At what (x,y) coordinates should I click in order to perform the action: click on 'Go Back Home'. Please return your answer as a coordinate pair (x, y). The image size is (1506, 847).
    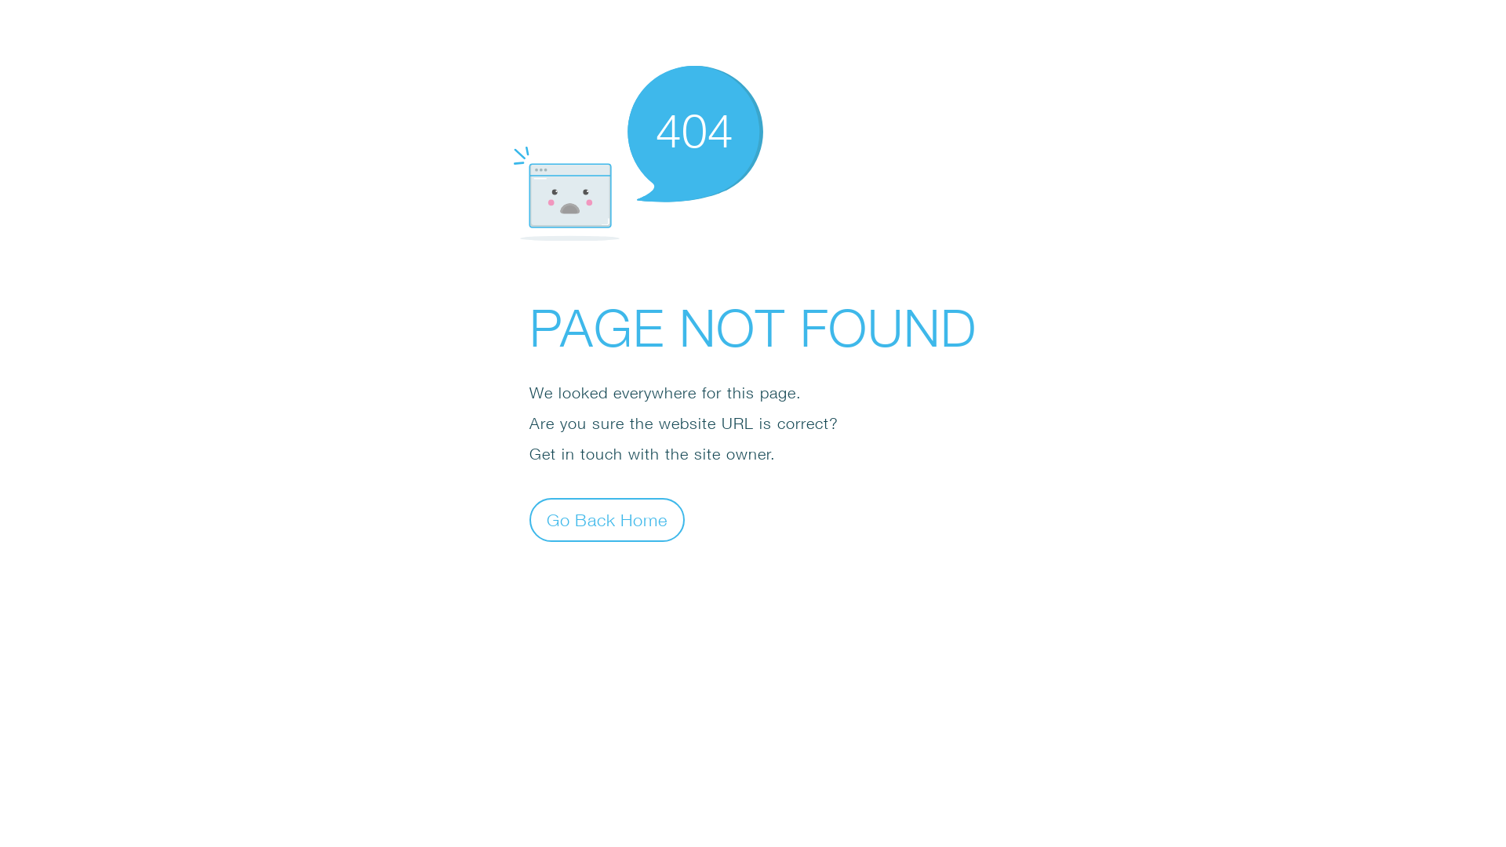
    Looking at the image, I should click on (606, 520).